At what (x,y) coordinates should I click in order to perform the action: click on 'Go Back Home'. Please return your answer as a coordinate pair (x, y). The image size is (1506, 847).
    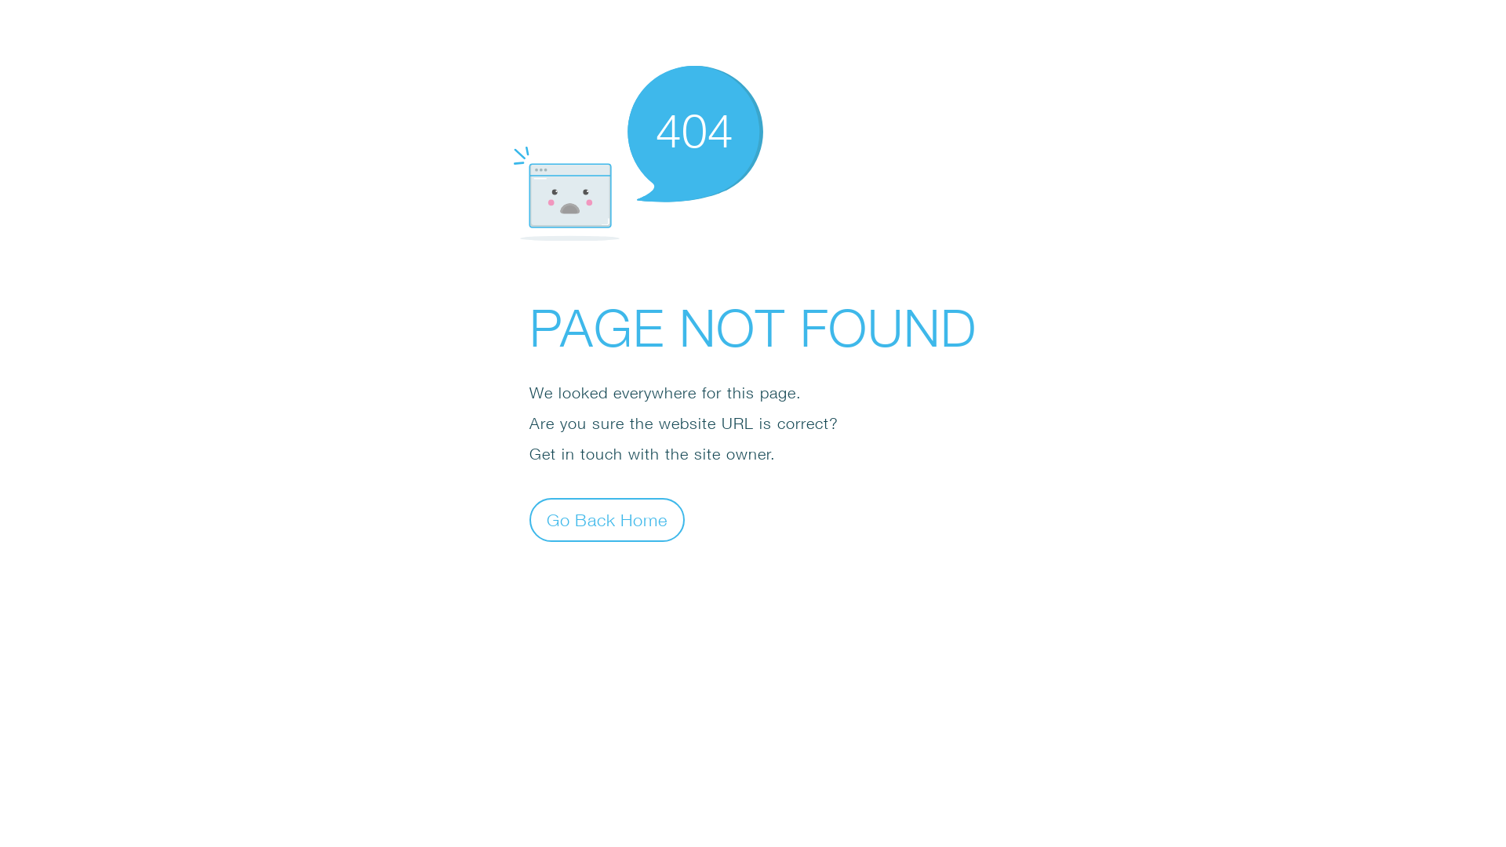
    Looking at the image, I should click on (606, 520).